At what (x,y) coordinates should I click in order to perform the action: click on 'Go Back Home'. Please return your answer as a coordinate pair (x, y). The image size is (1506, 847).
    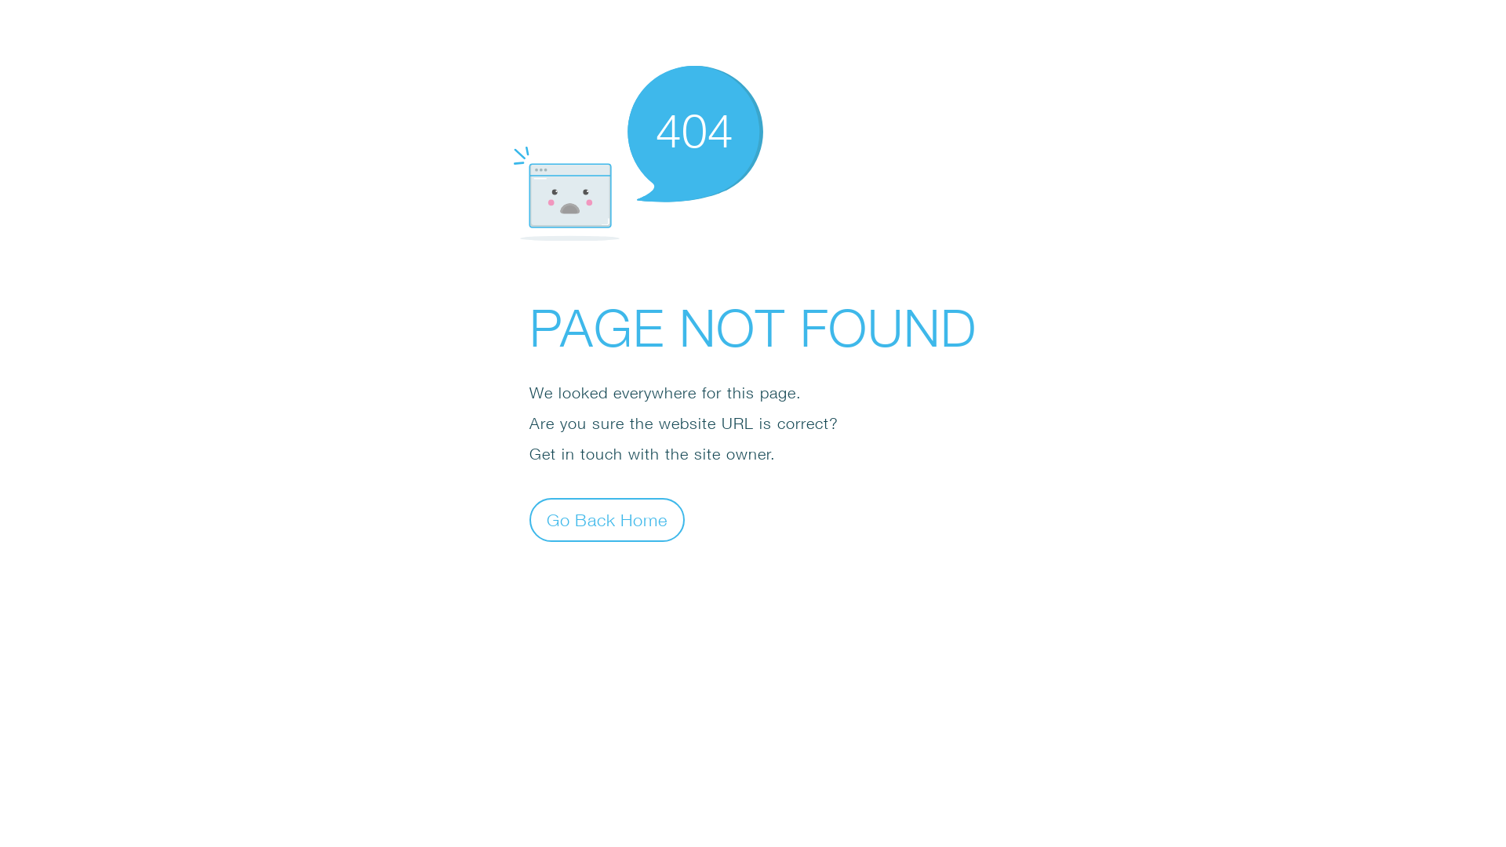
    Looking at the image, I should click on (606, 520).